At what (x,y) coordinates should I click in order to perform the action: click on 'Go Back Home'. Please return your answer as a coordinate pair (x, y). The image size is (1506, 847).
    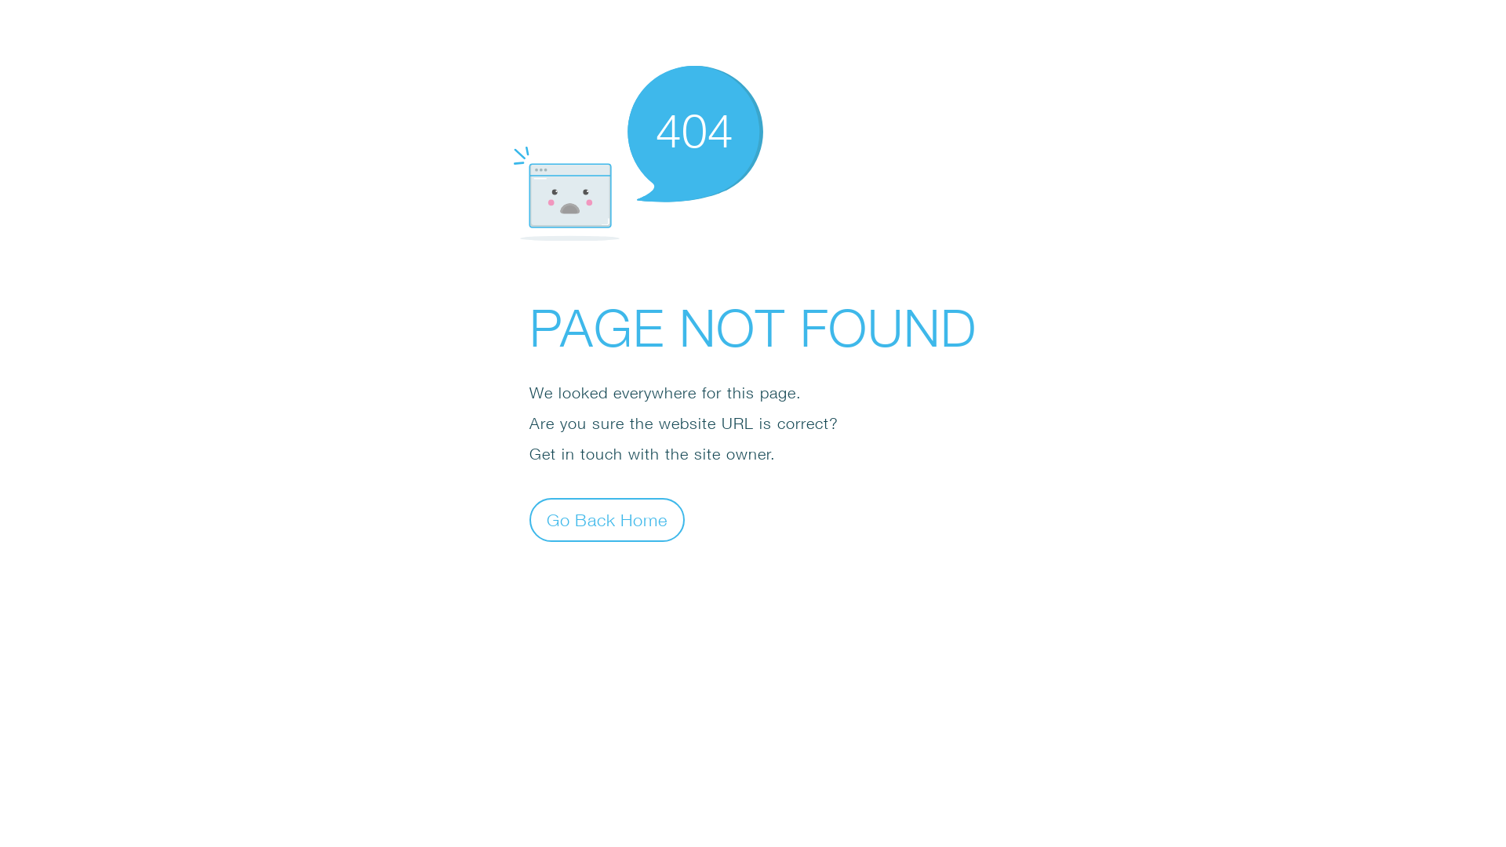
    Looking at the image, I should click on (606, 520).